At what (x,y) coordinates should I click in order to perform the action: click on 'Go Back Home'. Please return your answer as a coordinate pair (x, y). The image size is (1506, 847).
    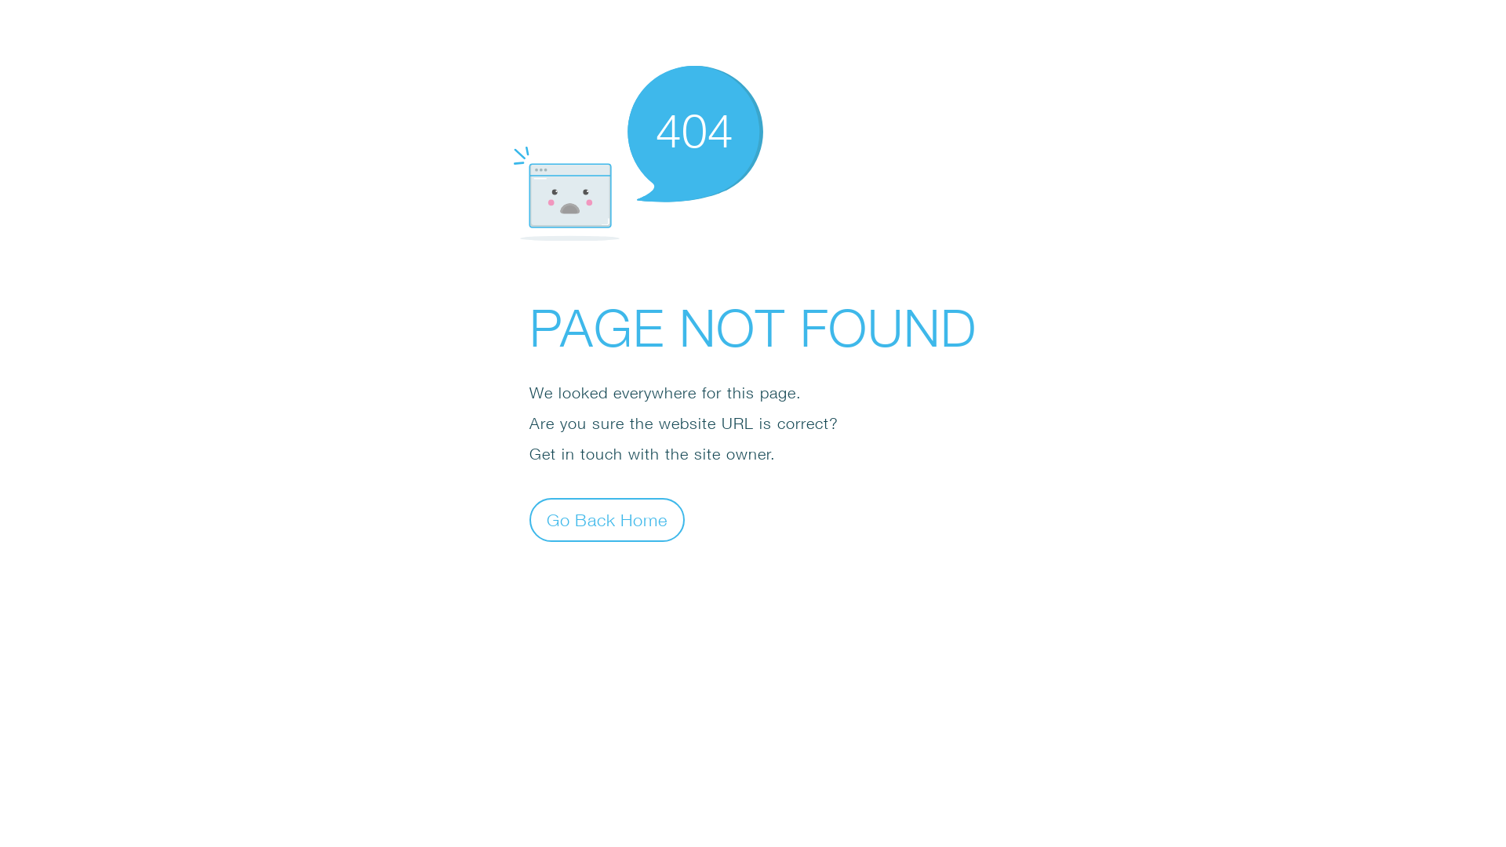
    Looking at the image, I should click on (606, 520).